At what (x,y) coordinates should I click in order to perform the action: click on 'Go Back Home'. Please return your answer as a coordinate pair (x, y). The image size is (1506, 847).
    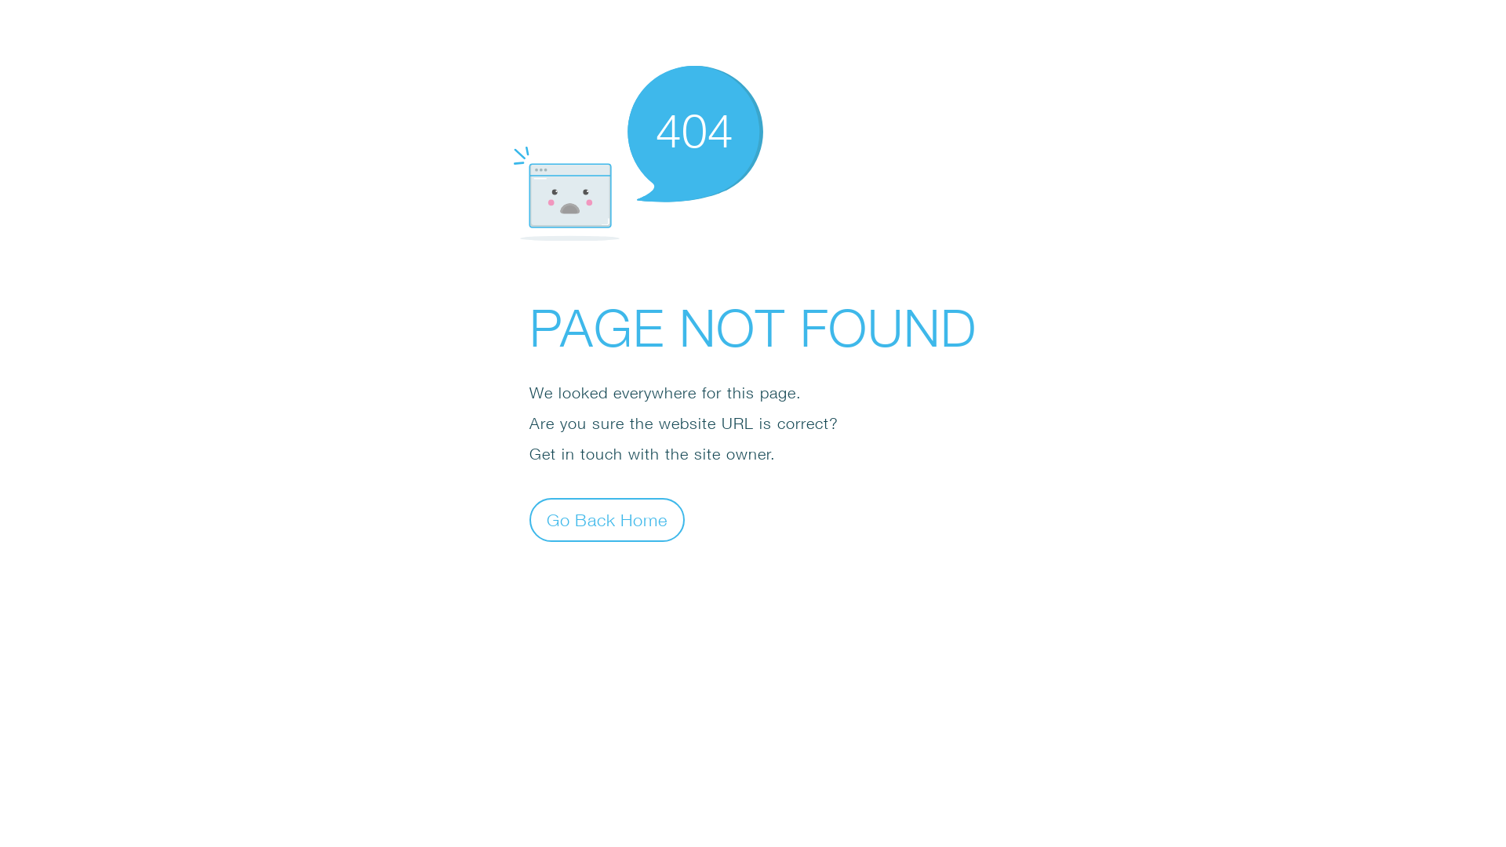
    Looking at the image, I should click on (606, 520).